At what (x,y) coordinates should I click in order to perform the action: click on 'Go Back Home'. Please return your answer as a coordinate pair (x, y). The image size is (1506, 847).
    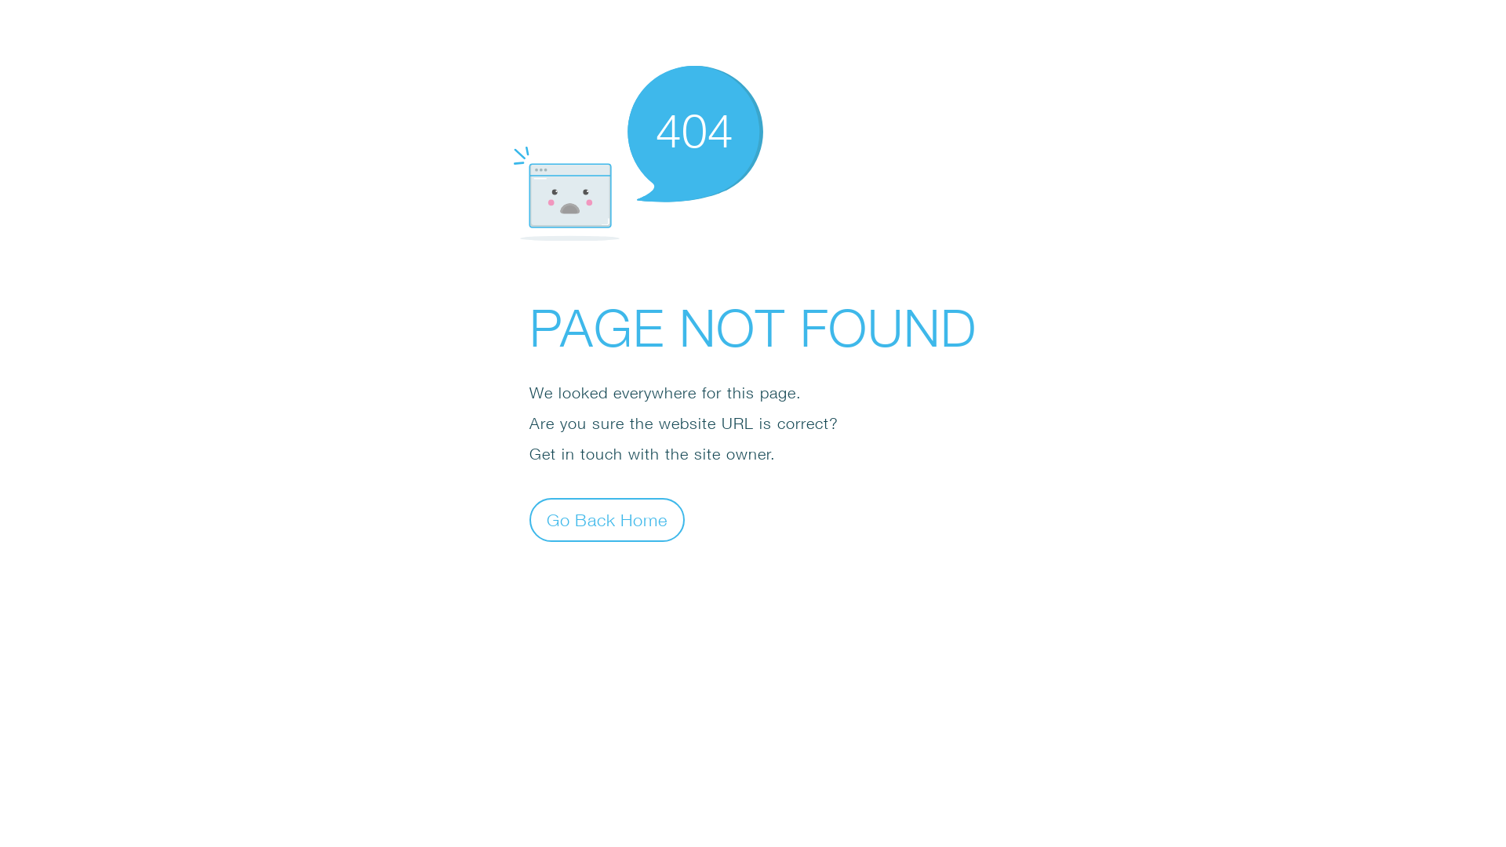
    Looking at the image, I should click on (606, 520).